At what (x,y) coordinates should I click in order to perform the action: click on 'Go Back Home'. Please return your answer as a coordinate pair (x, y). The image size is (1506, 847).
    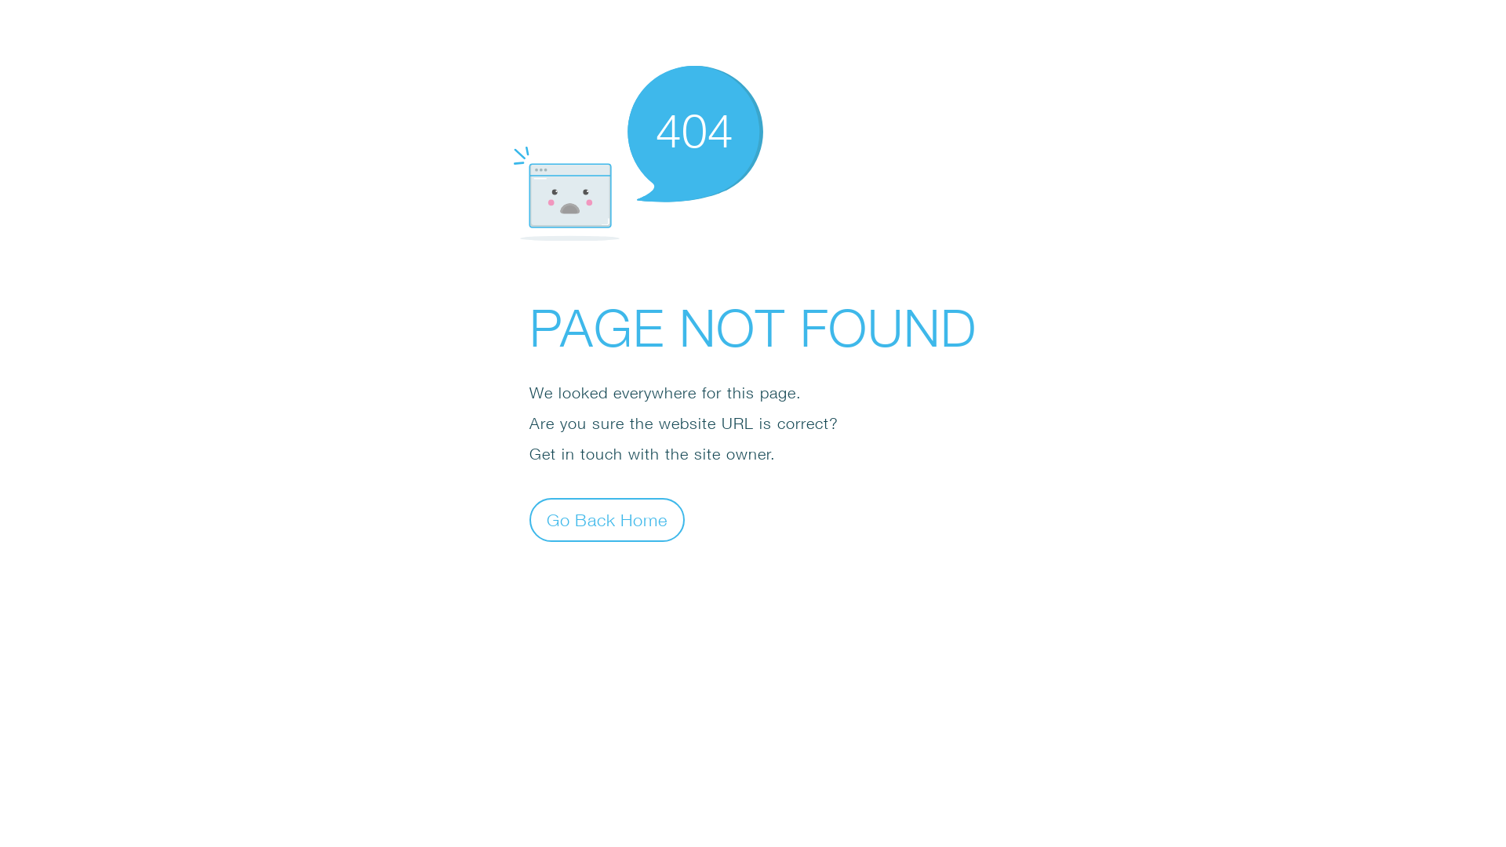
    Looking at the image, I should click on (606, 520).